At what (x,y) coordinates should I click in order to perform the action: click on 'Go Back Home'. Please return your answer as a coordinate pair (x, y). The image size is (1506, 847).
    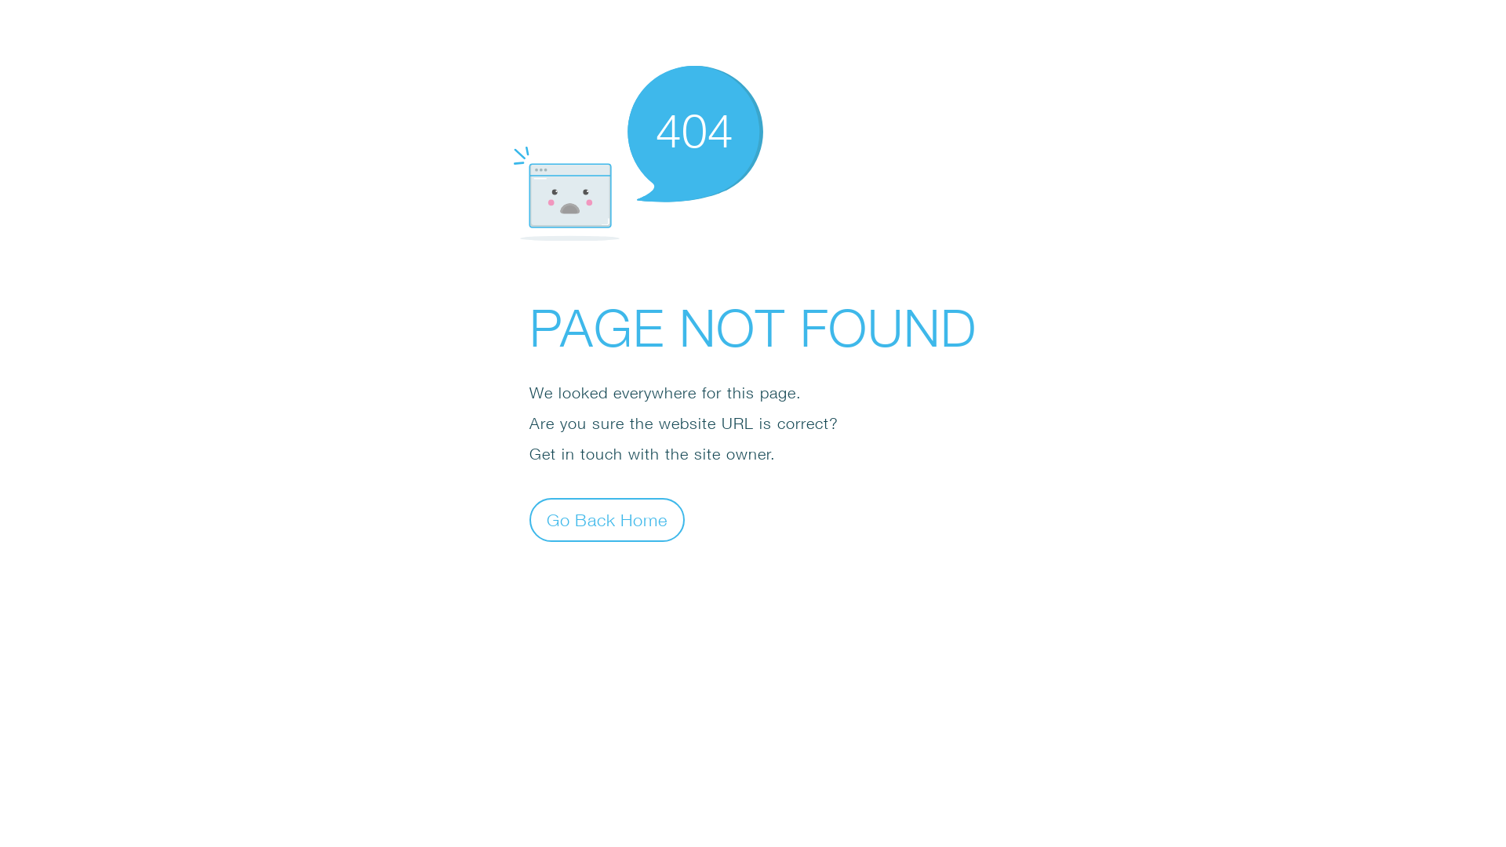
    Looking at the image, I should click on (606, 520).